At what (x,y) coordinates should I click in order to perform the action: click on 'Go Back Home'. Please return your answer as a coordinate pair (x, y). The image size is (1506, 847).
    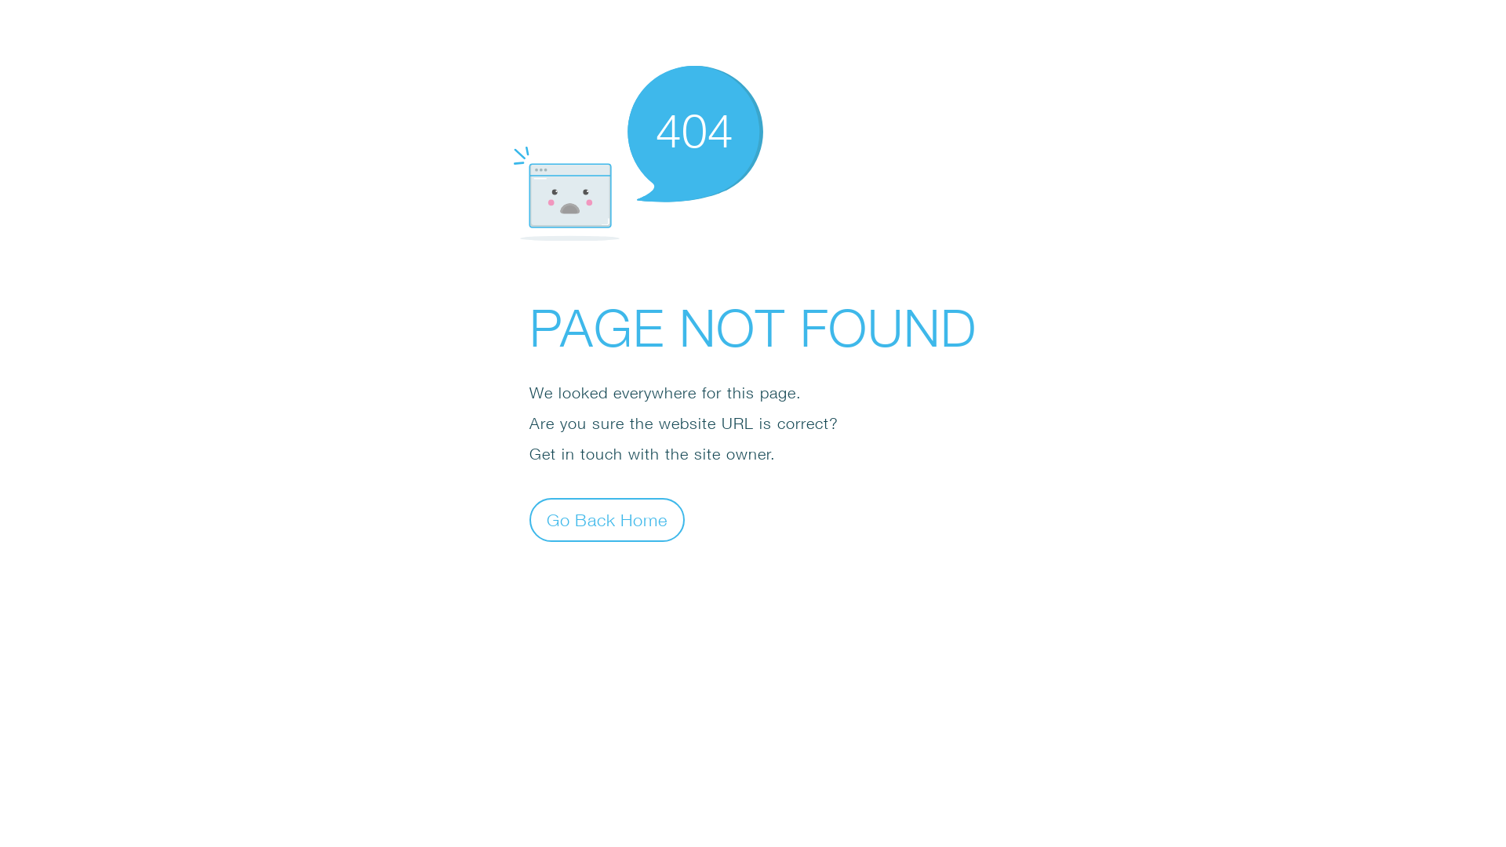
    Looking at the image, I should click on (606, 520).